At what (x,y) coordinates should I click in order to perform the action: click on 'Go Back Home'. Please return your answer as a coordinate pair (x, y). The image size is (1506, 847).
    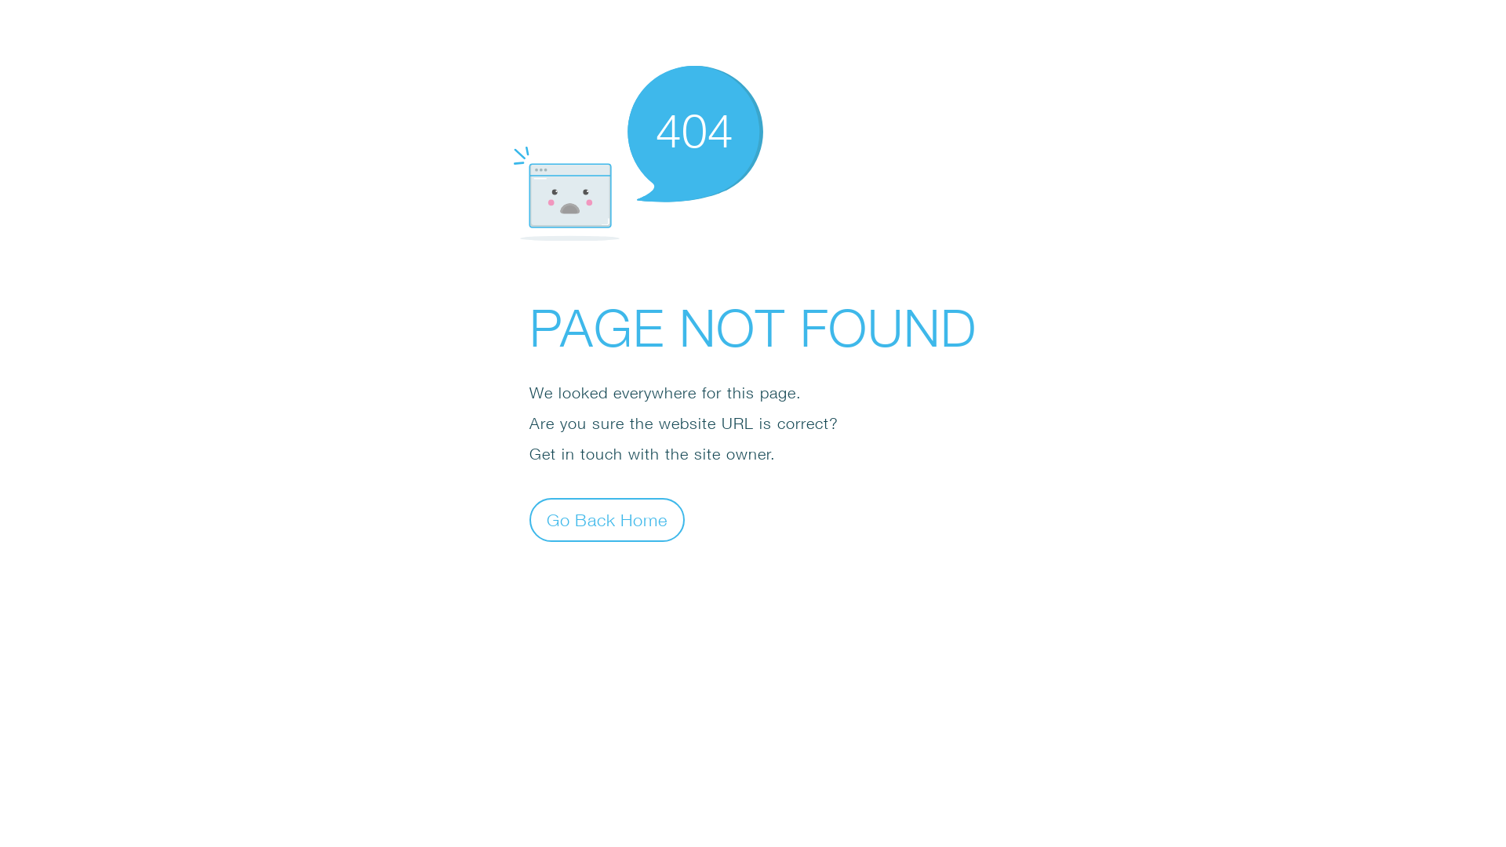
    Looking at the image, I should click on (606, 520).